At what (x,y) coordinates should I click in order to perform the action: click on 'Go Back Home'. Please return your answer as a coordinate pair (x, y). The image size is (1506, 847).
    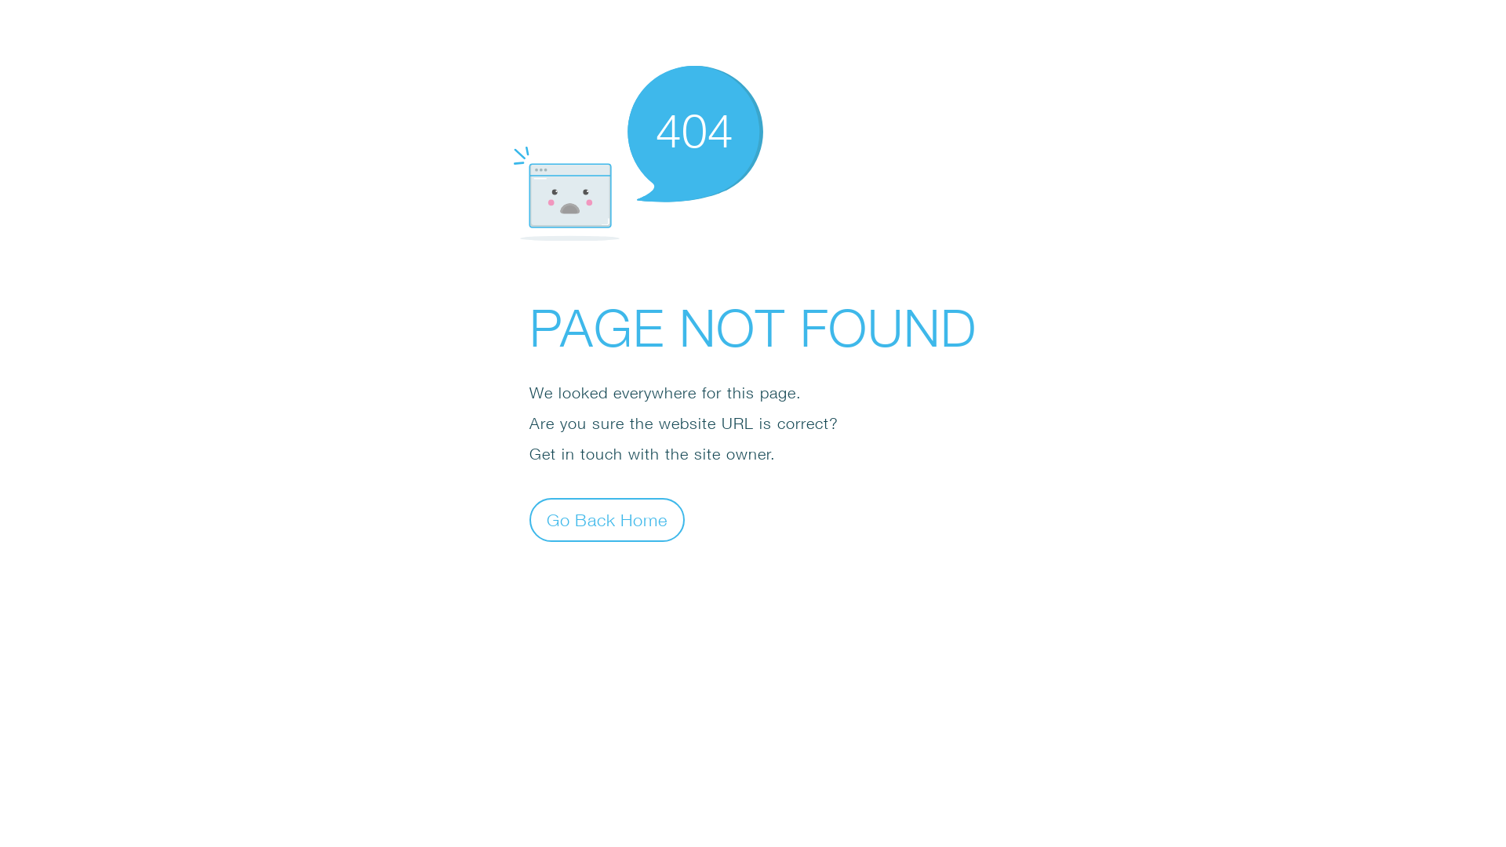
    Looking at the image, I should click on (606, 520).